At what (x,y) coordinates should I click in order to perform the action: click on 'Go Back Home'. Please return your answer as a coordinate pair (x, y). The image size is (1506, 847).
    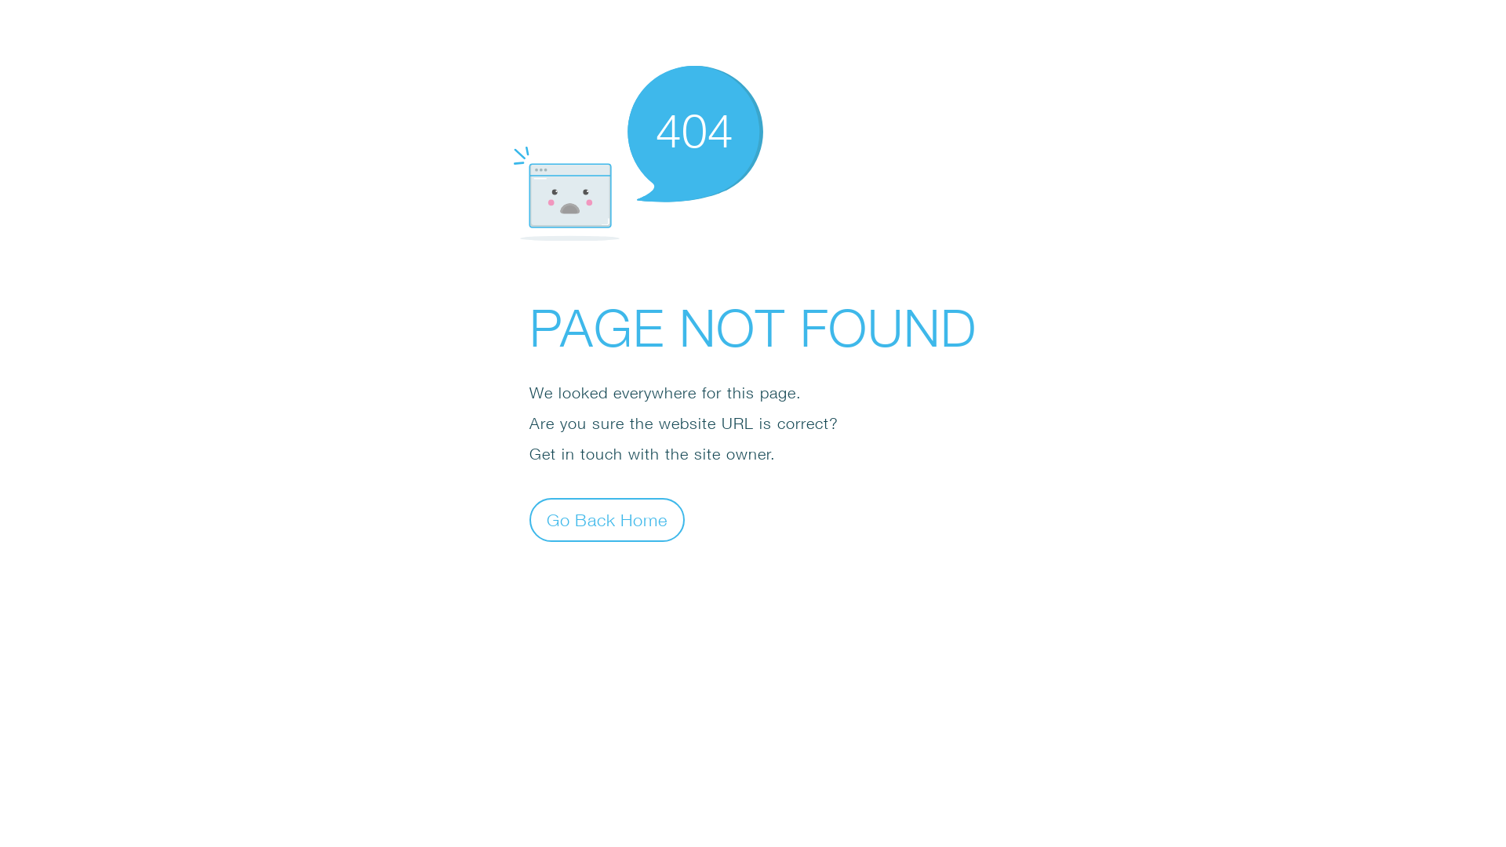
    Looking at the image, I should click on (606, 520).